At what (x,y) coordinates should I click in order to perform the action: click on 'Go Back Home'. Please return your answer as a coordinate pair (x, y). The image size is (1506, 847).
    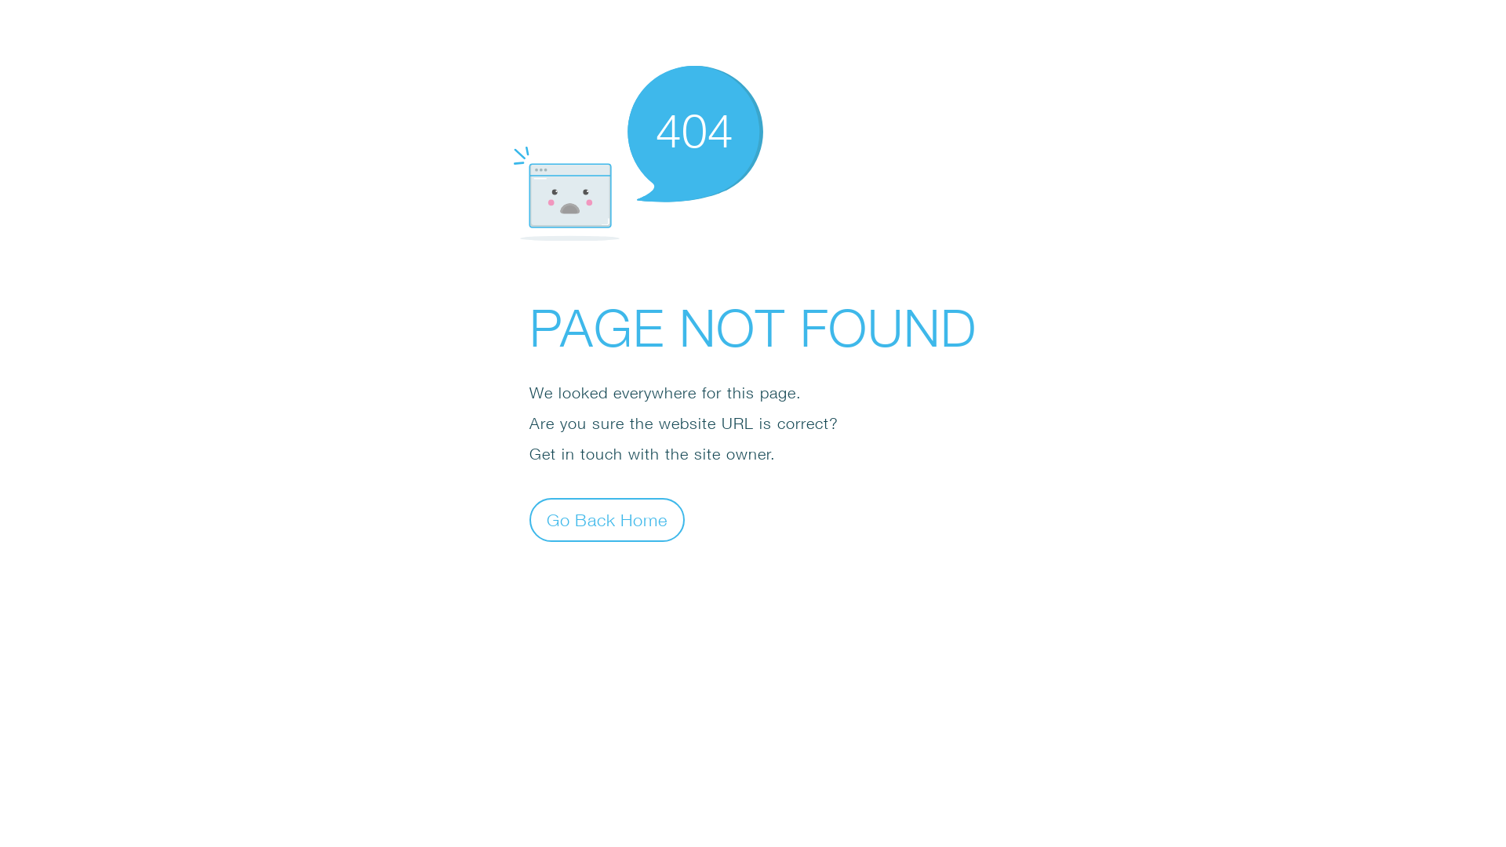
    Looking at the image, I should click on (606, 520).